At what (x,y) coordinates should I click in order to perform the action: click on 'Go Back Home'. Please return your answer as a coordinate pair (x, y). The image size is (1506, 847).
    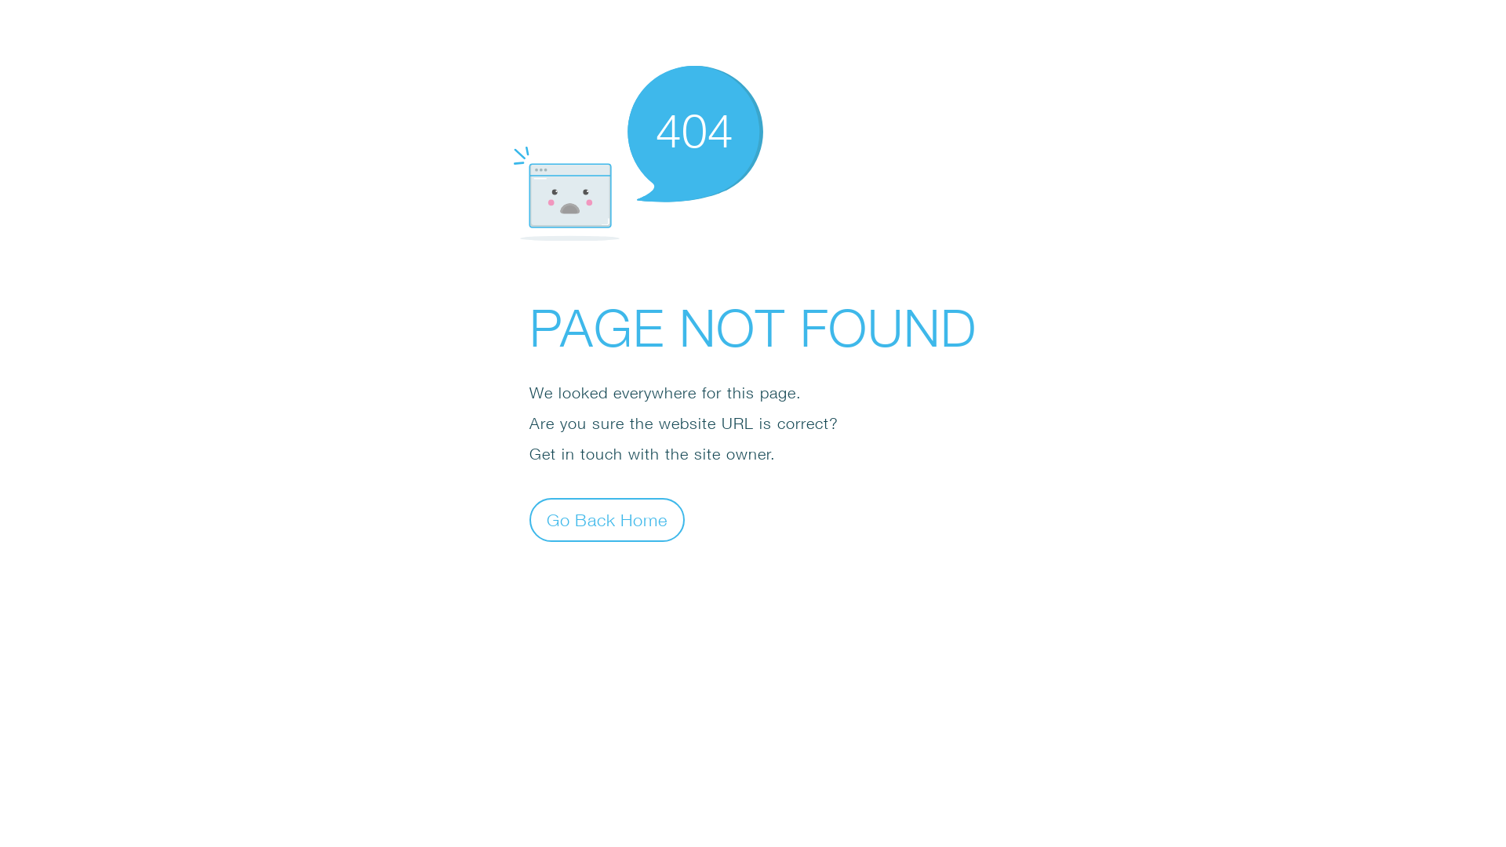
    Looking at the image, I should click on (606, 520).